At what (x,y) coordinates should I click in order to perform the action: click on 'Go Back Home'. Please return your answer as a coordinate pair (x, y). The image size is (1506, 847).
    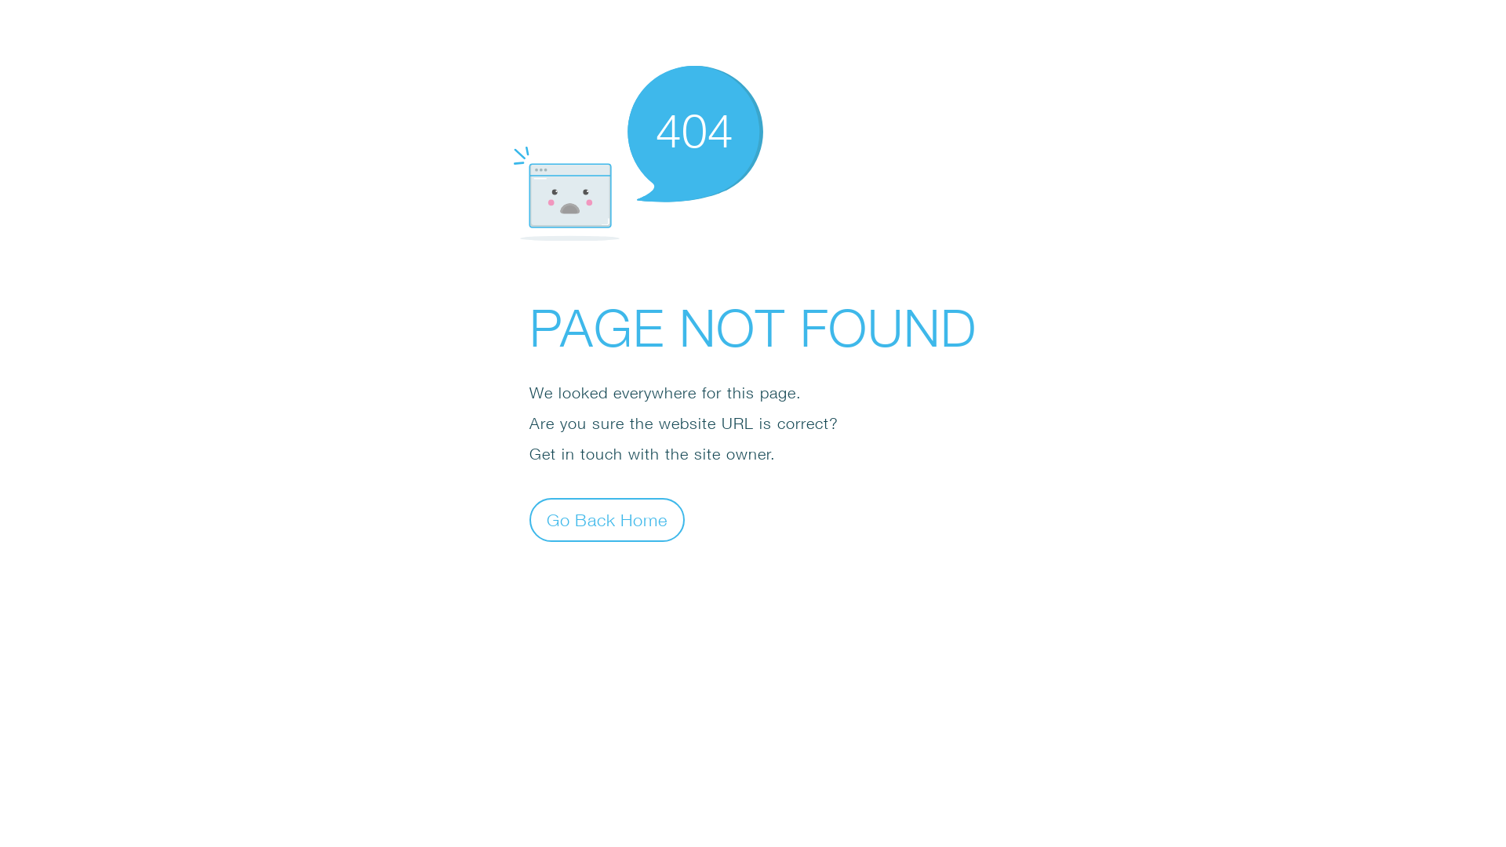
    Looking at the image, I should click on (606, 520).